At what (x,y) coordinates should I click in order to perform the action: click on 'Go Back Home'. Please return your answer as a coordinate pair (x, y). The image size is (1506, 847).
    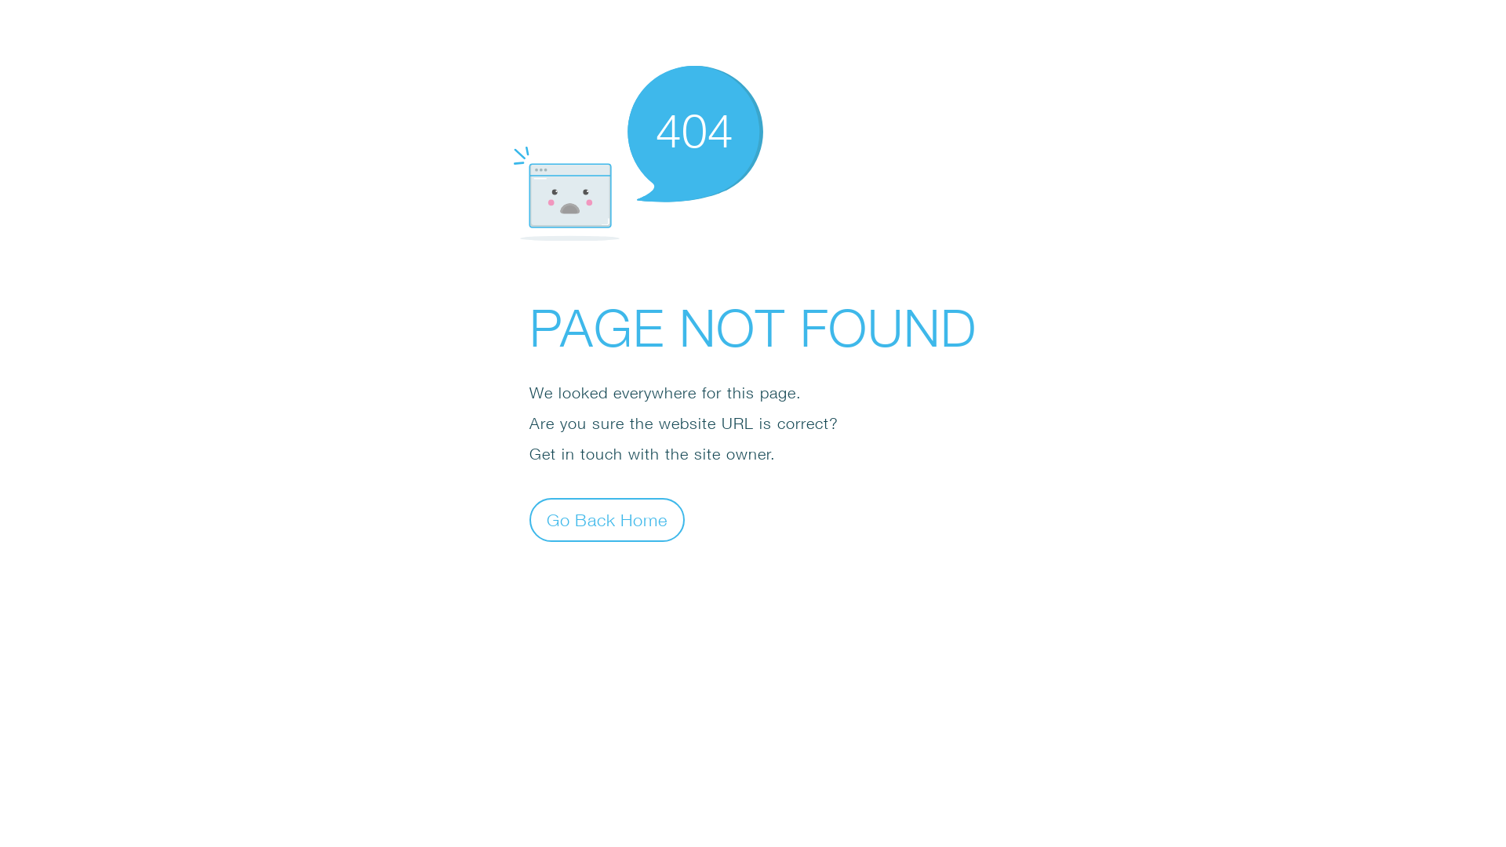
    Looking at the image, I should click on (606, 520).